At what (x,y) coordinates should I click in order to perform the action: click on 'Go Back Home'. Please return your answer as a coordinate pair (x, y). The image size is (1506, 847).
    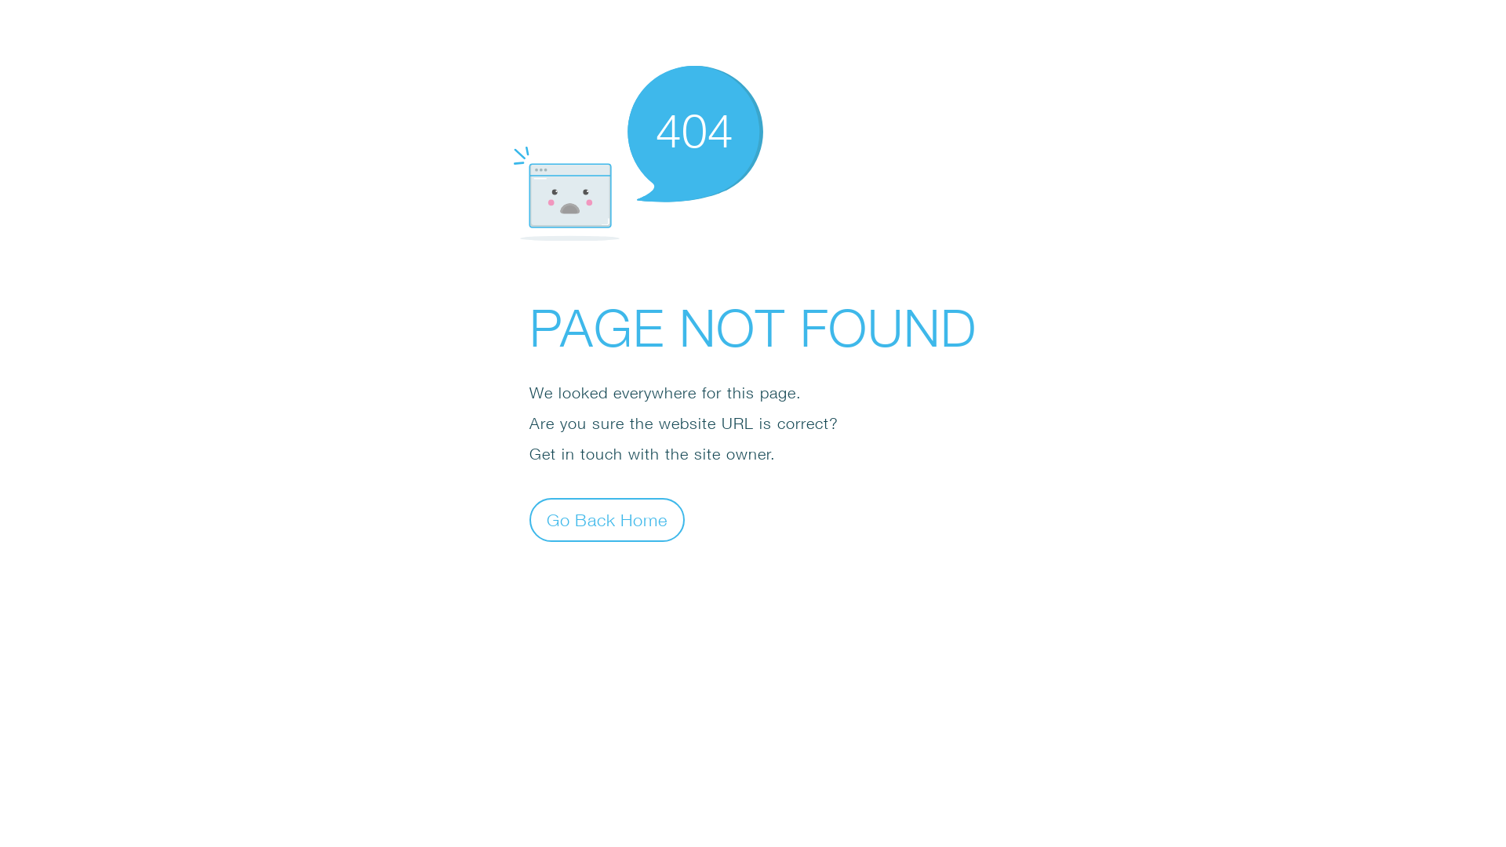
    Looking at the image, I should click on (606, 520).